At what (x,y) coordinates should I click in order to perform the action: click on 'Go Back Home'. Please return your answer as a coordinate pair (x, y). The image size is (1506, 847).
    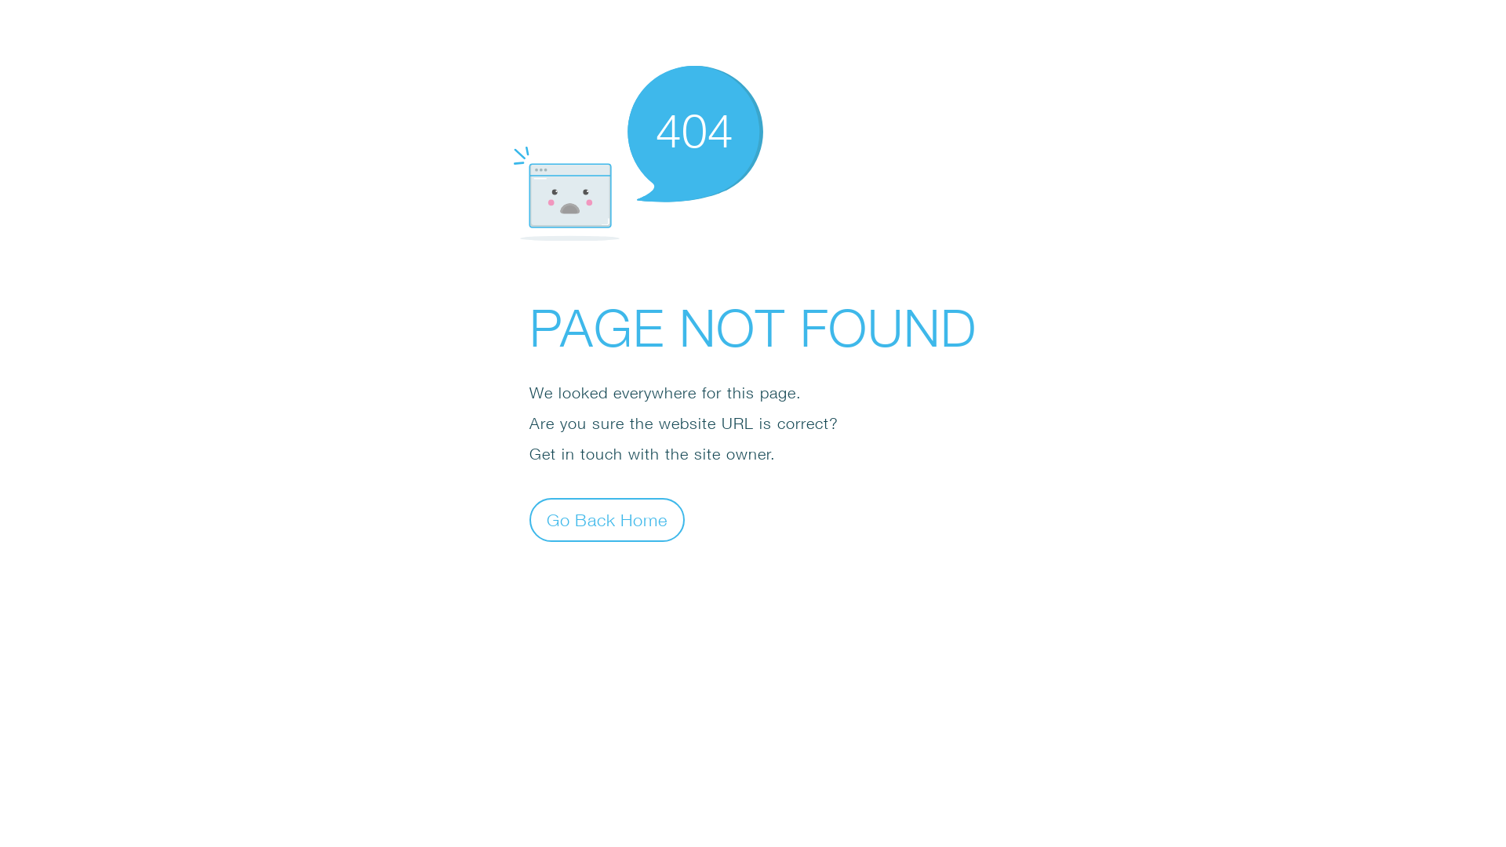
    Looking at the image, I should click on (606, 520).